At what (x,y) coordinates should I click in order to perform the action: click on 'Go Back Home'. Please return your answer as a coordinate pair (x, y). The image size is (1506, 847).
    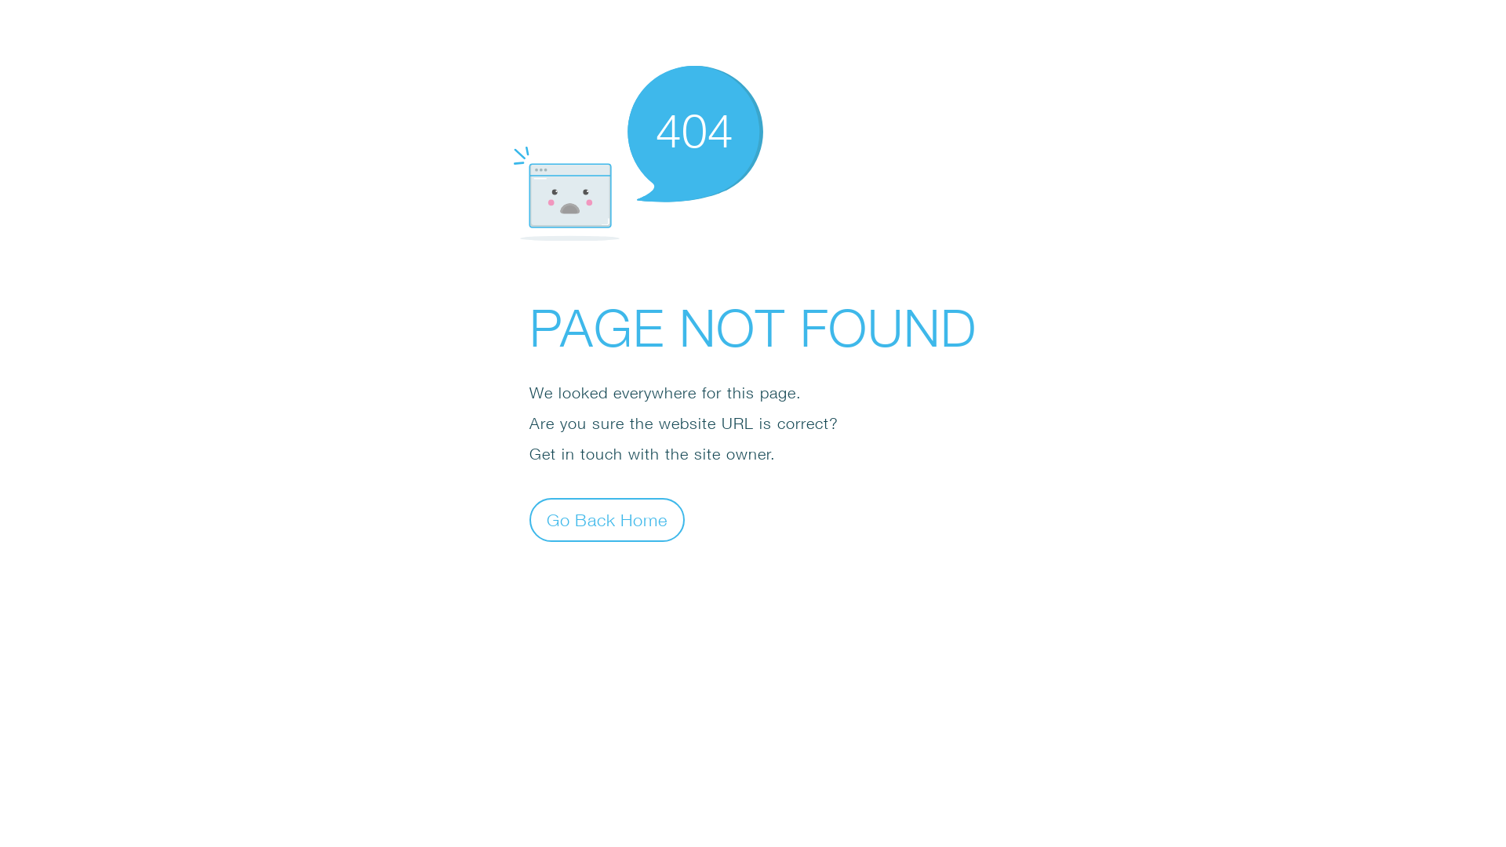
    Looking at the image, I should click on (606, 520).